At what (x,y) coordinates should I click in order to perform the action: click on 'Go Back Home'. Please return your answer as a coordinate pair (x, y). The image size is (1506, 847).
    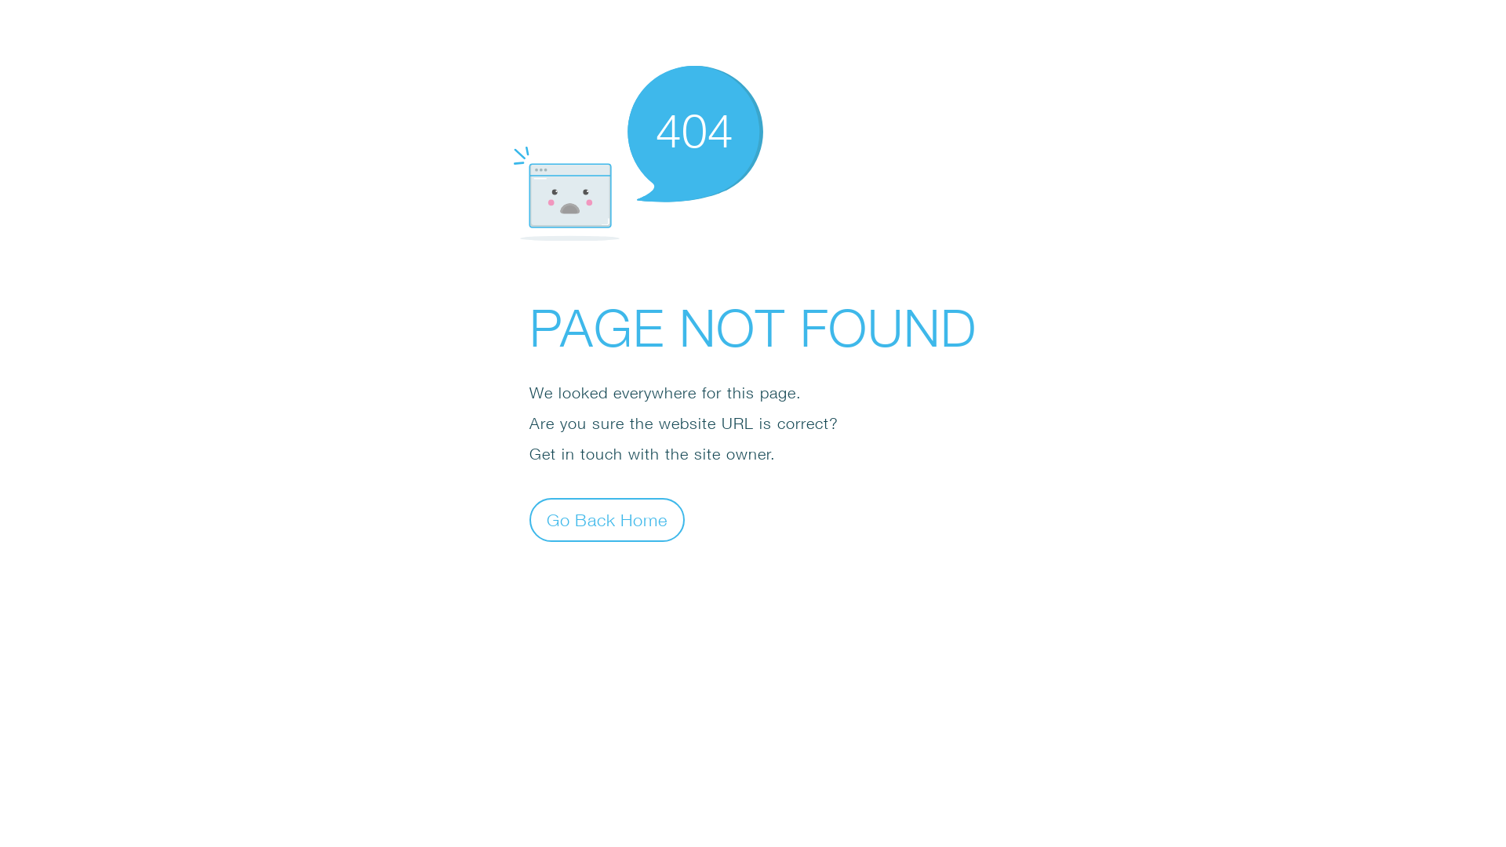
    Looking at the image, I should click on (606, 520).